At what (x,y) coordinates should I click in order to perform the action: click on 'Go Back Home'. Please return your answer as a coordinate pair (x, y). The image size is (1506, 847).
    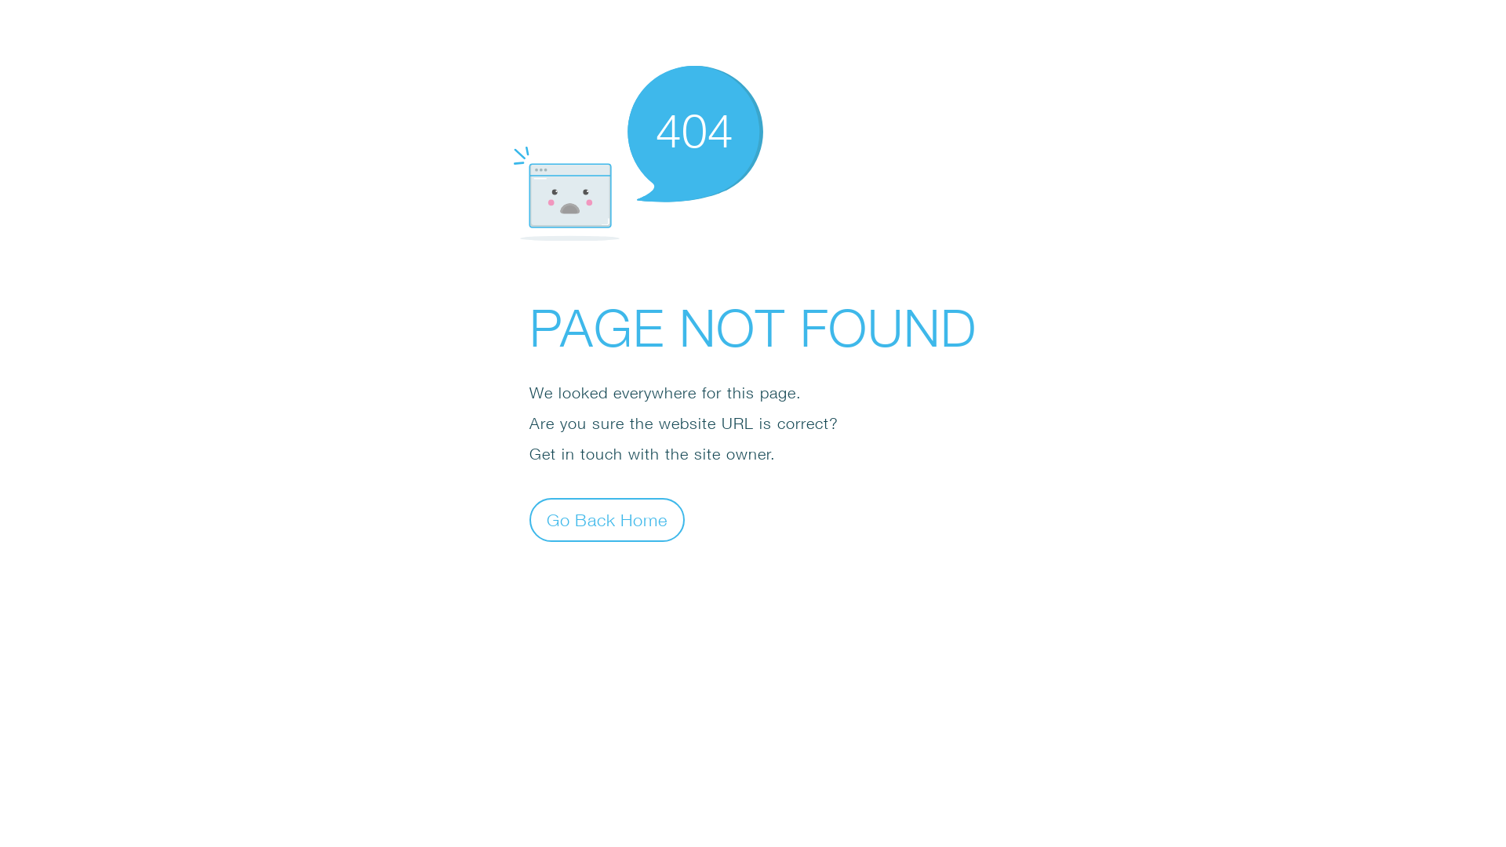
    Looking at the image, I should click on (606, 520).